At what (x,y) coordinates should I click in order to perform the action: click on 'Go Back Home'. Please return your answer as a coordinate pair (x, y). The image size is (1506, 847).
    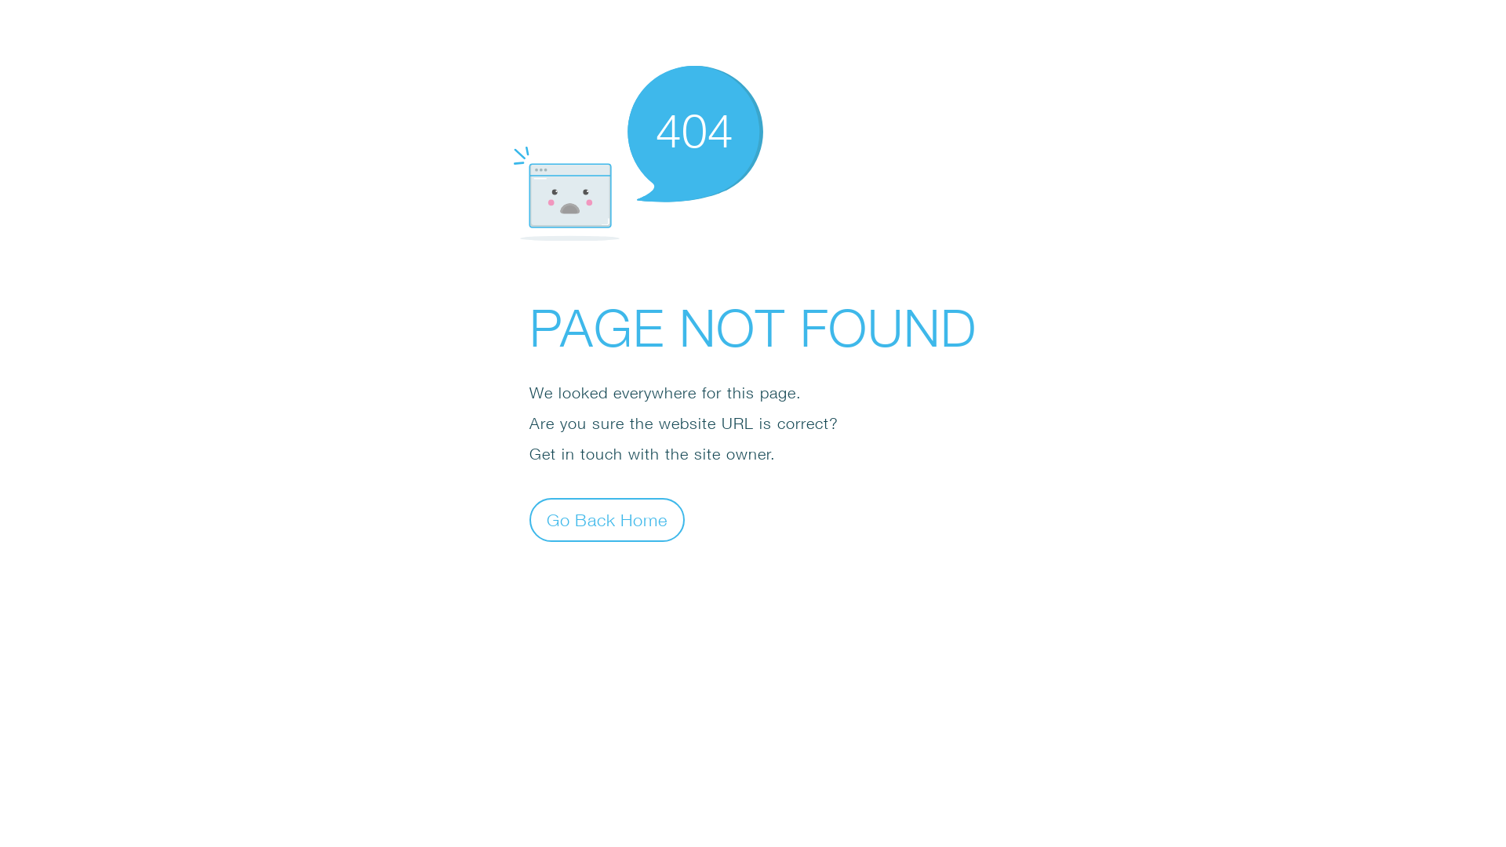
    Looking at the image, I should click on (606, 520).